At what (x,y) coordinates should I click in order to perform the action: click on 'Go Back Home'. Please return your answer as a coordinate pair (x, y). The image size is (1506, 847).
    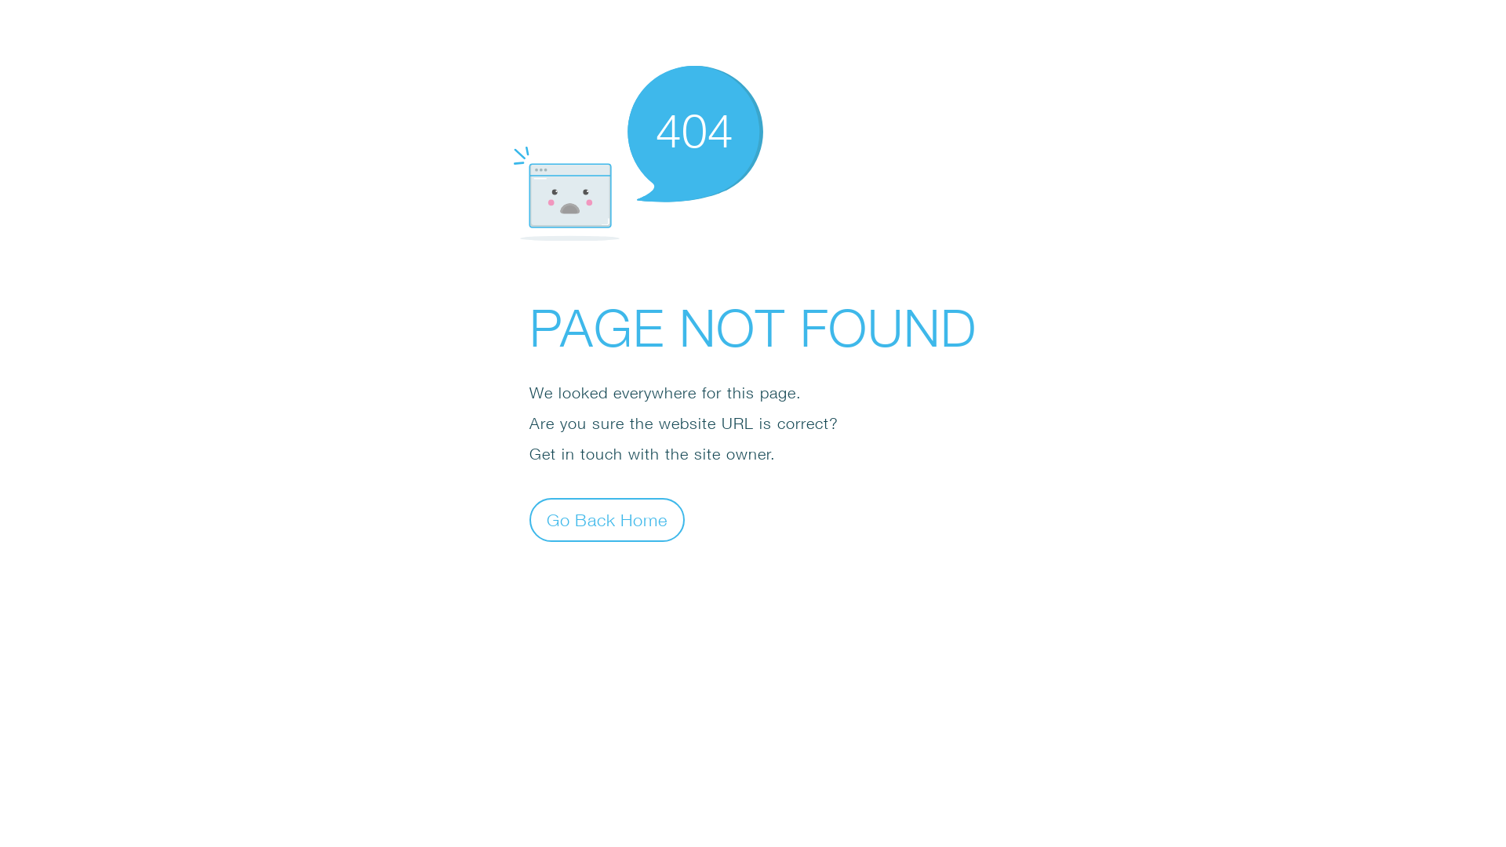
    Looking at the image, I should click on (606, 520).